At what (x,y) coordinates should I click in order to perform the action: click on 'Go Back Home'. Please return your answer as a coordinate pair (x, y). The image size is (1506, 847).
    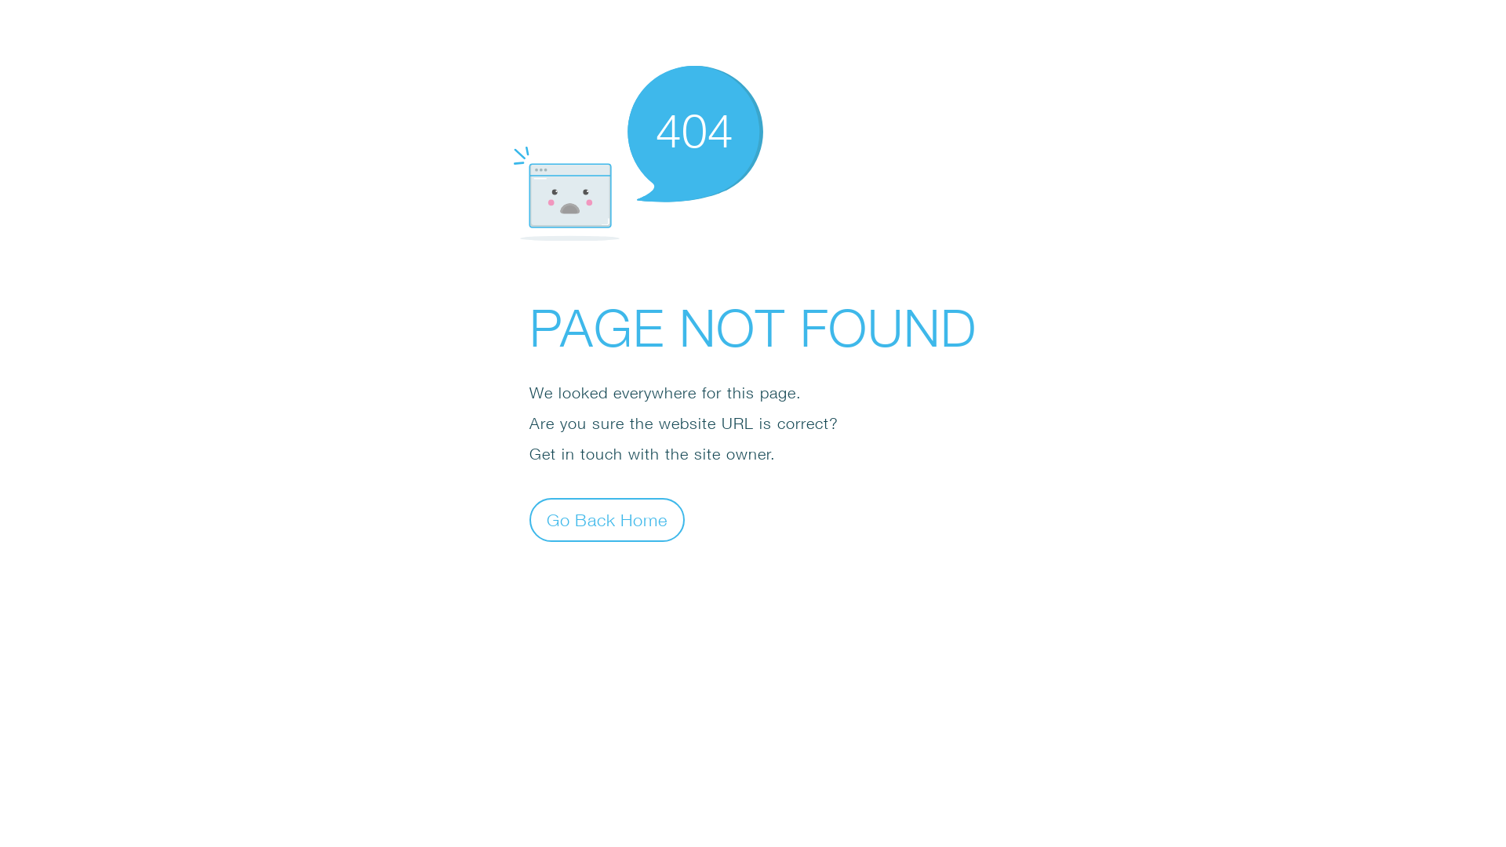
    Looking at the image, I should click on (606, 520).